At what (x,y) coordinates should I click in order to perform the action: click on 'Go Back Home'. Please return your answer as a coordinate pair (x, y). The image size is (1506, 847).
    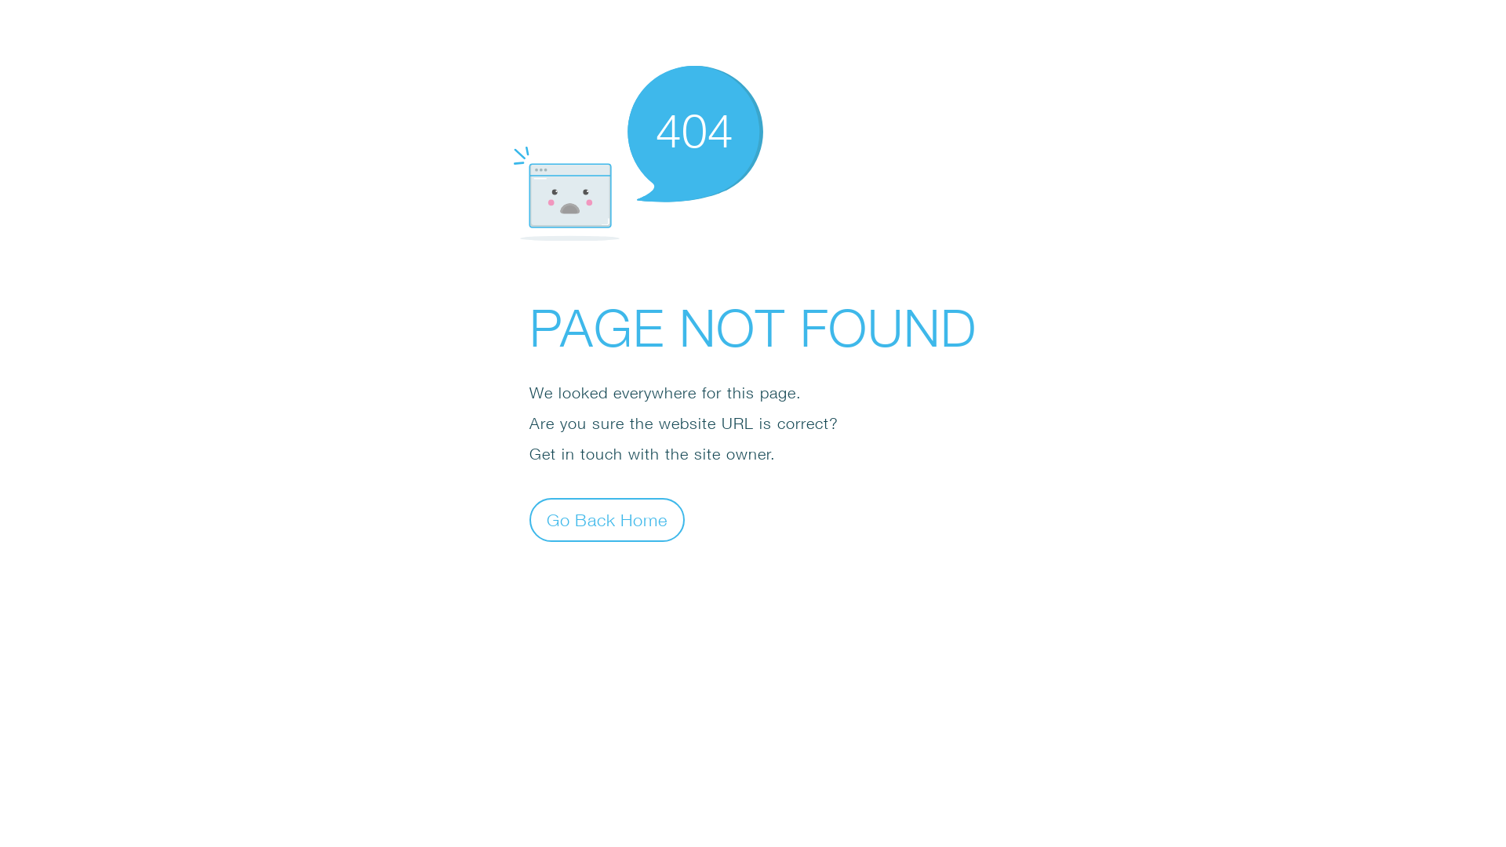
    Looking at the image, I should click on (606, 520).